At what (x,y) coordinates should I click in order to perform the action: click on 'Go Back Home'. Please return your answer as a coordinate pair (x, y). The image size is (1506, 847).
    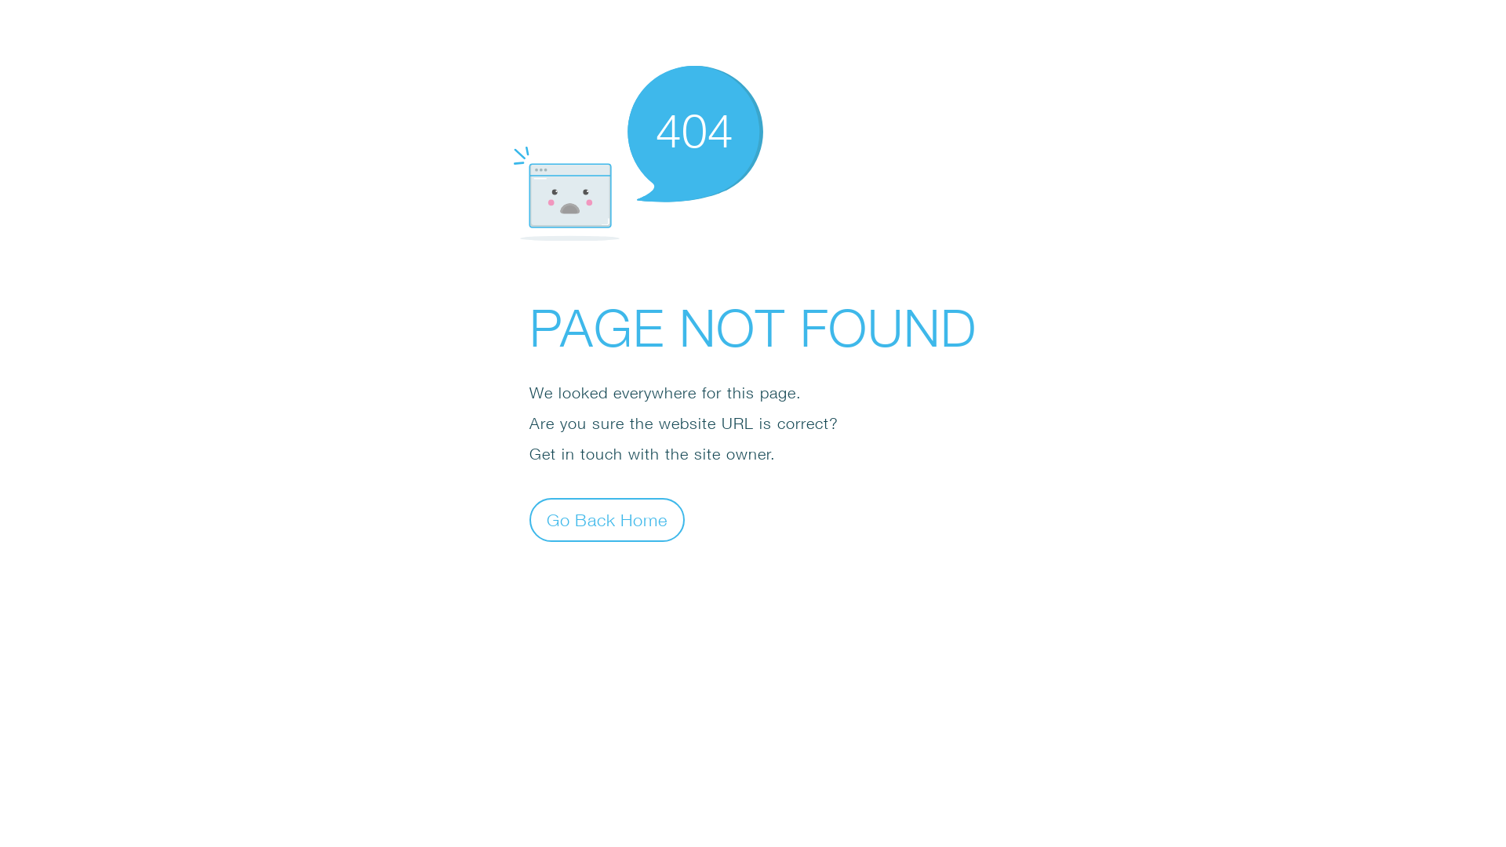
    Looking at the image, I should click on (606, 520).